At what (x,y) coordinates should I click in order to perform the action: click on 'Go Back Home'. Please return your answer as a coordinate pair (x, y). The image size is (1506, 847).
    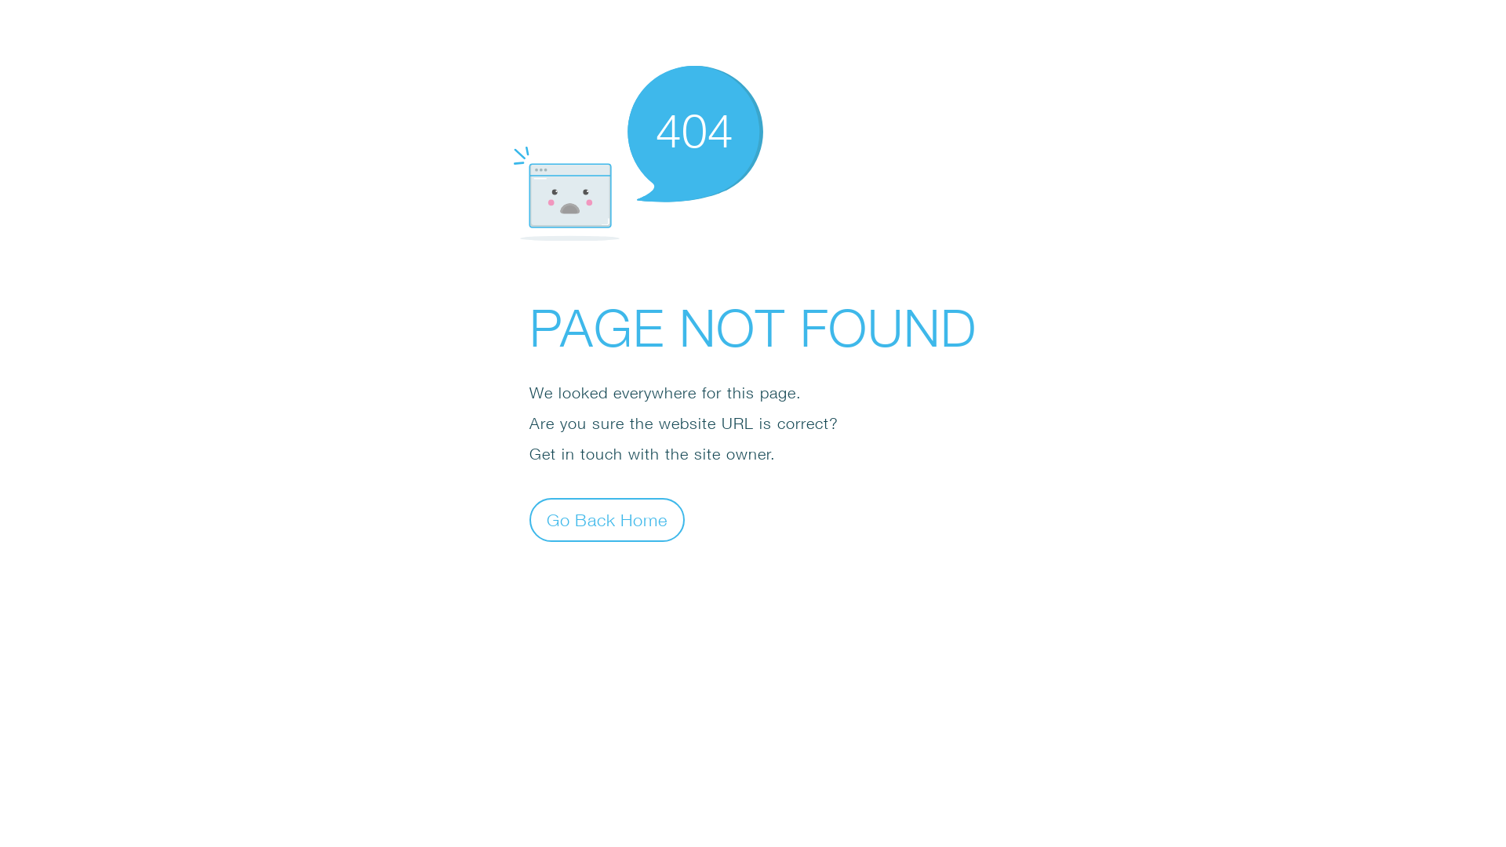
    Looking at the image, I should click on (606, 520).